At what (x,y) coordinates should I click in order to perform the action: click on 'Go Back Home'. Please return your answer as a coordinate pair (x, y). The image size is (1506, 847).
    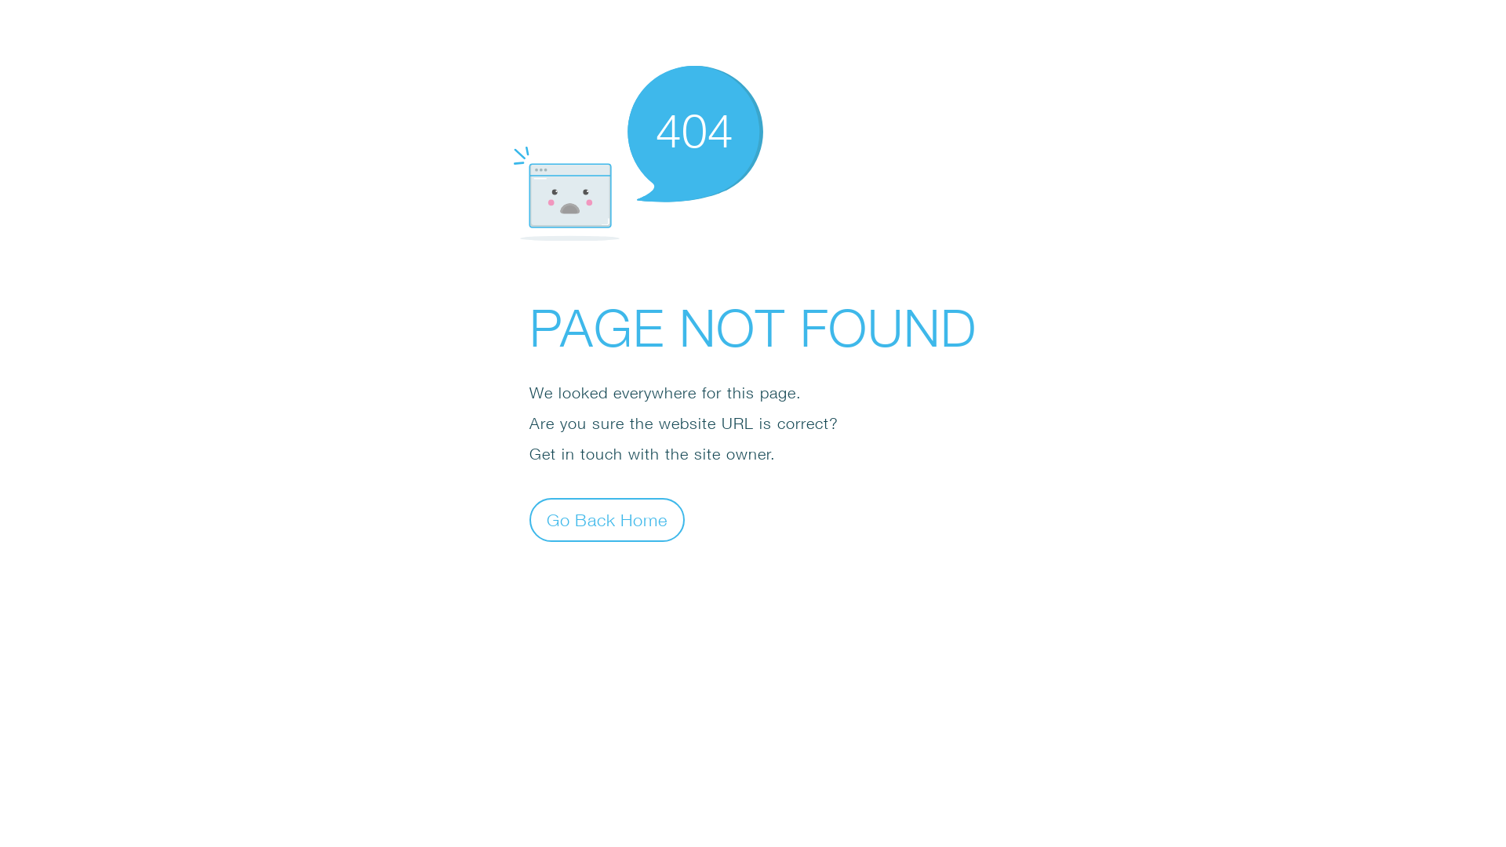
    Looking at the image, I should click on (606, 520).